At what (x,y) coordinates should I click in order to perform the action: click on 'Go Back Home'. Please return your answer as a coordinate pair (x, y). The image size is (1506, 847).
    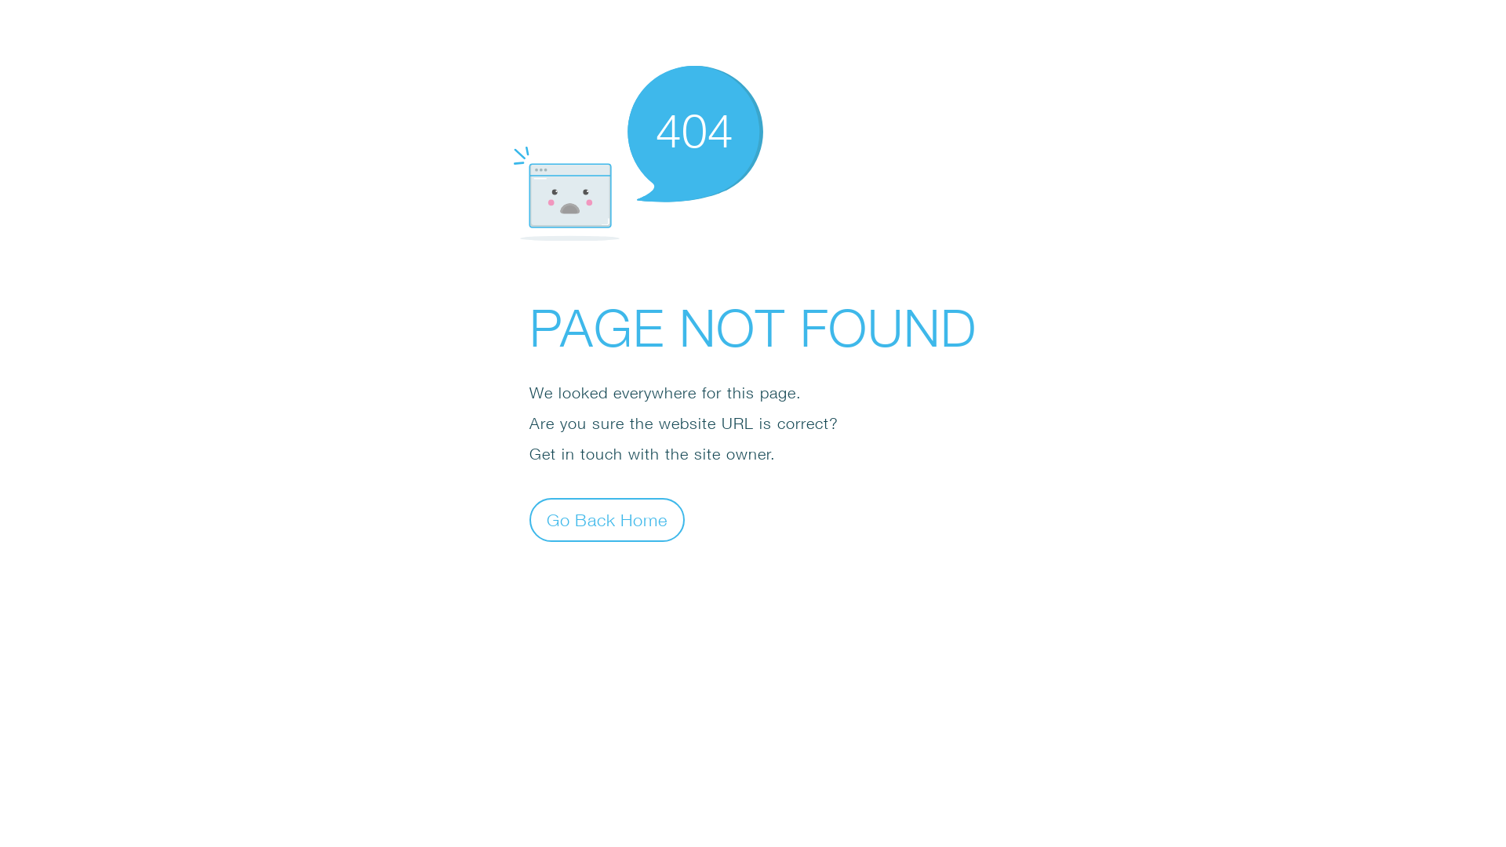
    Looking at the image, I should click on (606, 520).